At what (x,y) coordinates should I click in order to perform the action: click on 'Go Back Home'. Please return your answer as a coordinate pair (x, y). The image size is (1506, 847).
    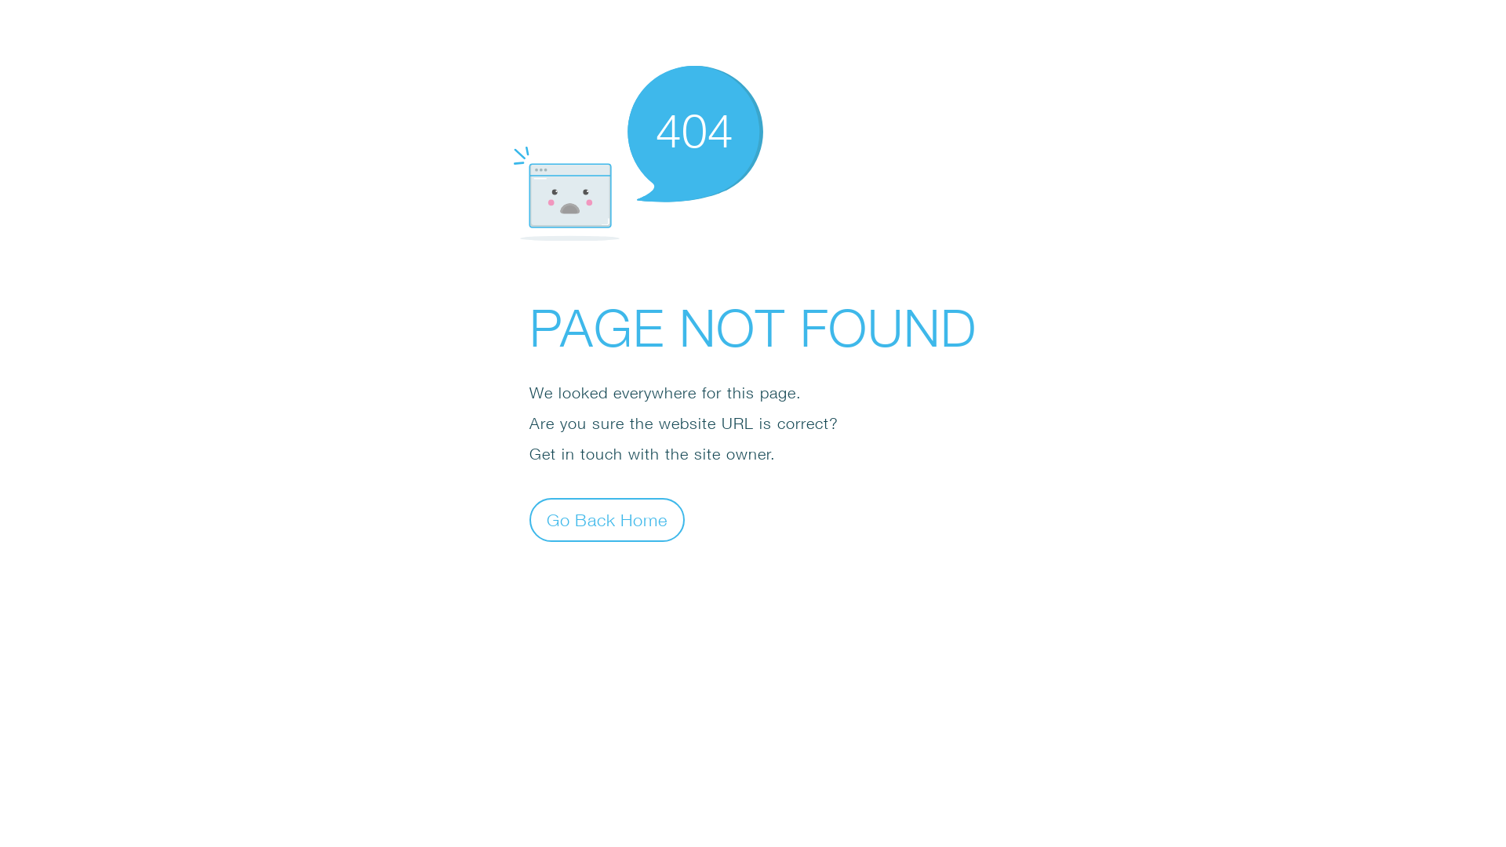
    Looking at the image, I should click on (606, 520).